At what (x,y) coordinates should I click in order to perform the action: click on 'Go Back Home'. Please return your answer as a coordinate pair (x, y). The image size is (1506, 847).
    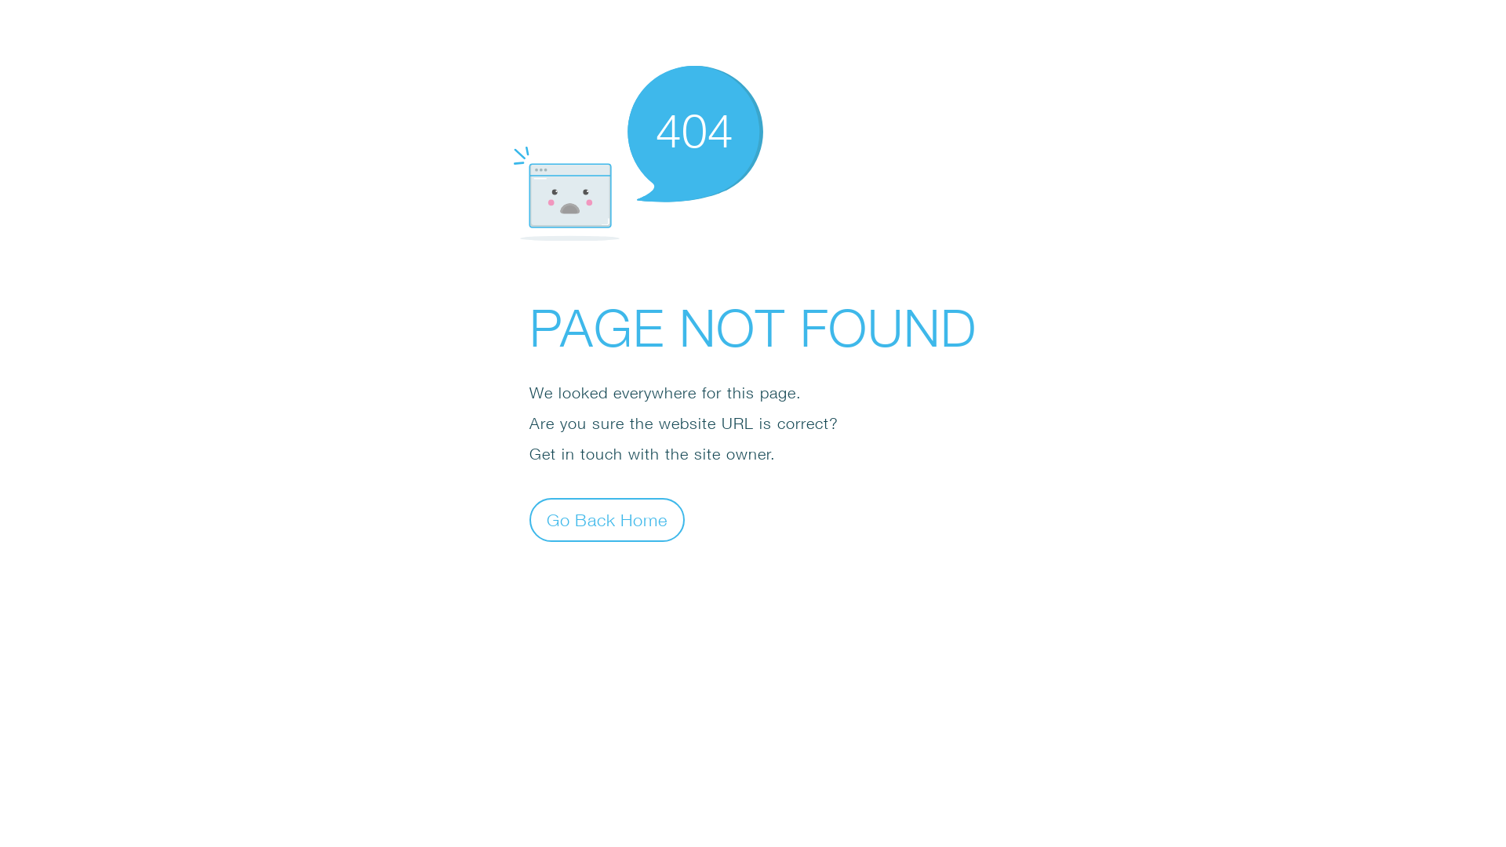
    Looking at the image, I should click on (606, 520).